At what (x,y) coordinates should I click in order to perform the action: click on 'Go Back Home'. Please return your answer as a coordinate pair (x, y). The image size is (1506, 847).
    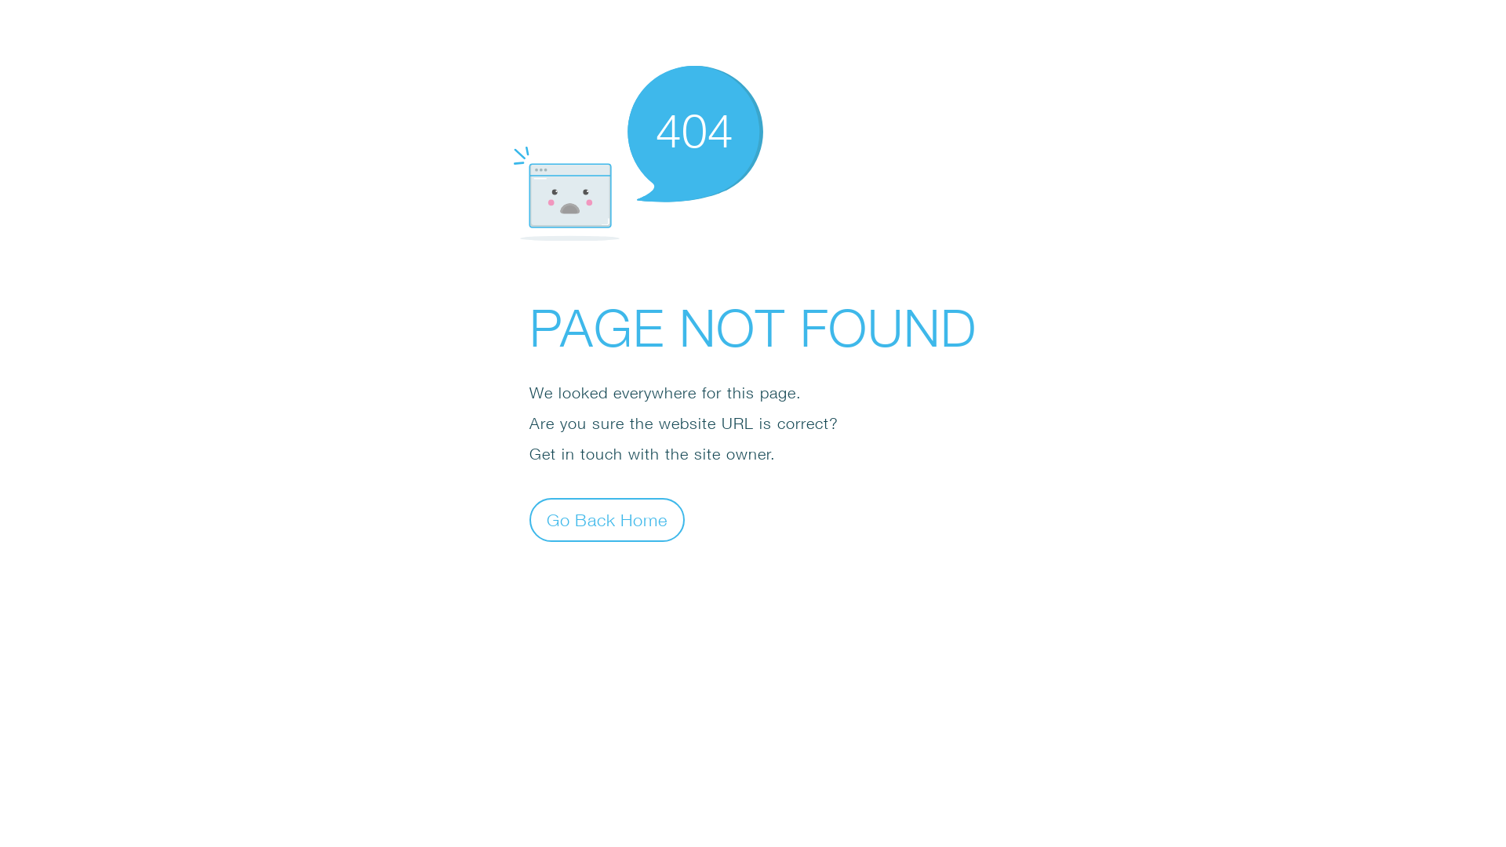
    Looking at the image, I should click on (606, 520).